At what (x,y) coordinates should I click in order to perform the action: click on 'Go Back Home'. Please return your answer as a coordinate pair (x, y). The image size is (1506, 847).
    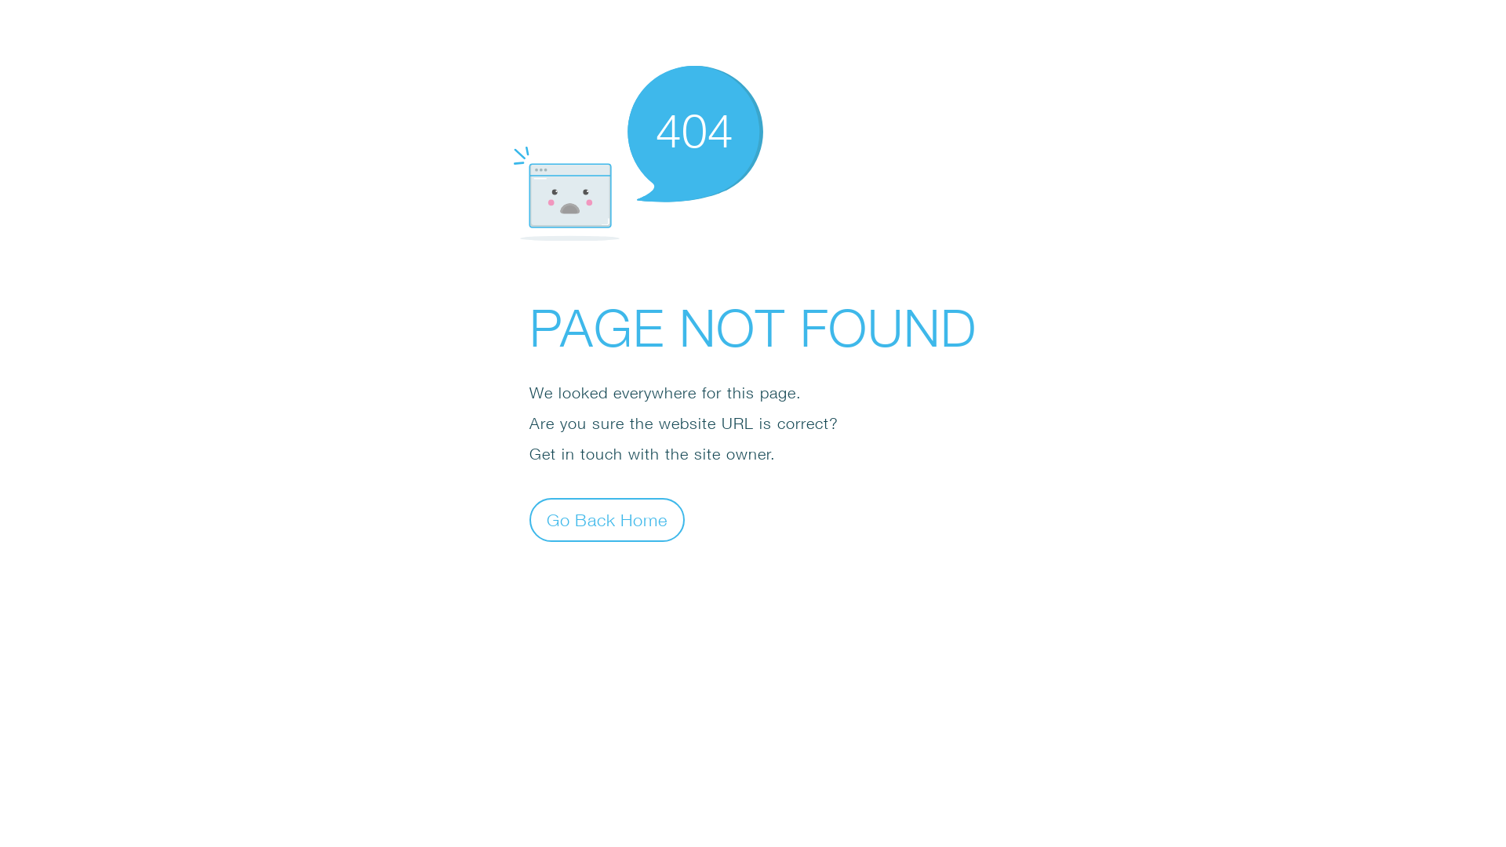
    Looking at the image, I should click on (606, 520).